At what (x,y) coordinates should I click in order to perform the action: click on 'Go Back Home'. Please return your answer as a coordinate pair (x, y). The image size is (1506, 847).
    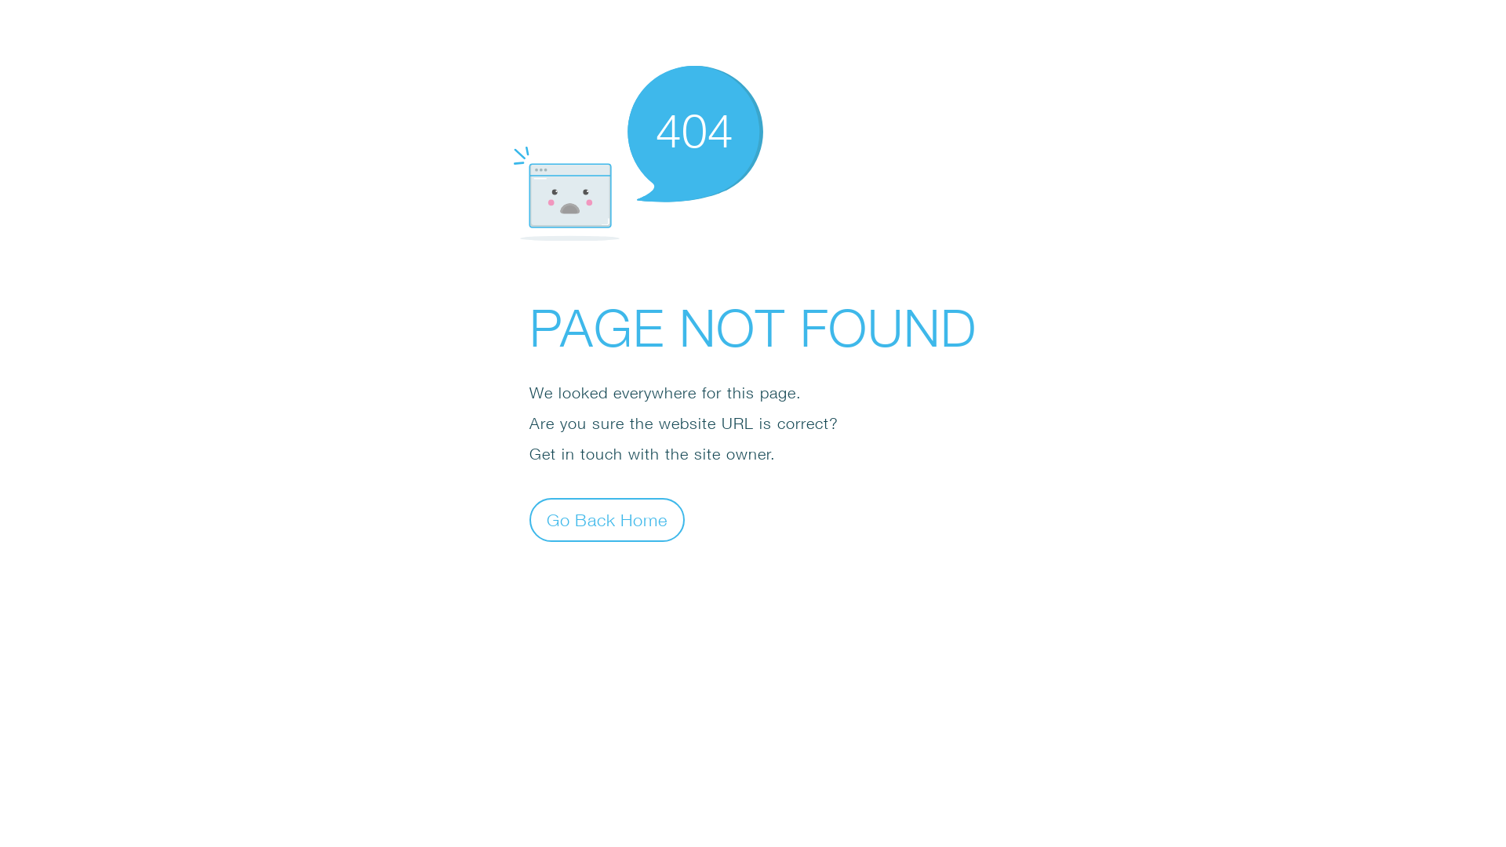
    Looking at the image, I should click on (606, 520).